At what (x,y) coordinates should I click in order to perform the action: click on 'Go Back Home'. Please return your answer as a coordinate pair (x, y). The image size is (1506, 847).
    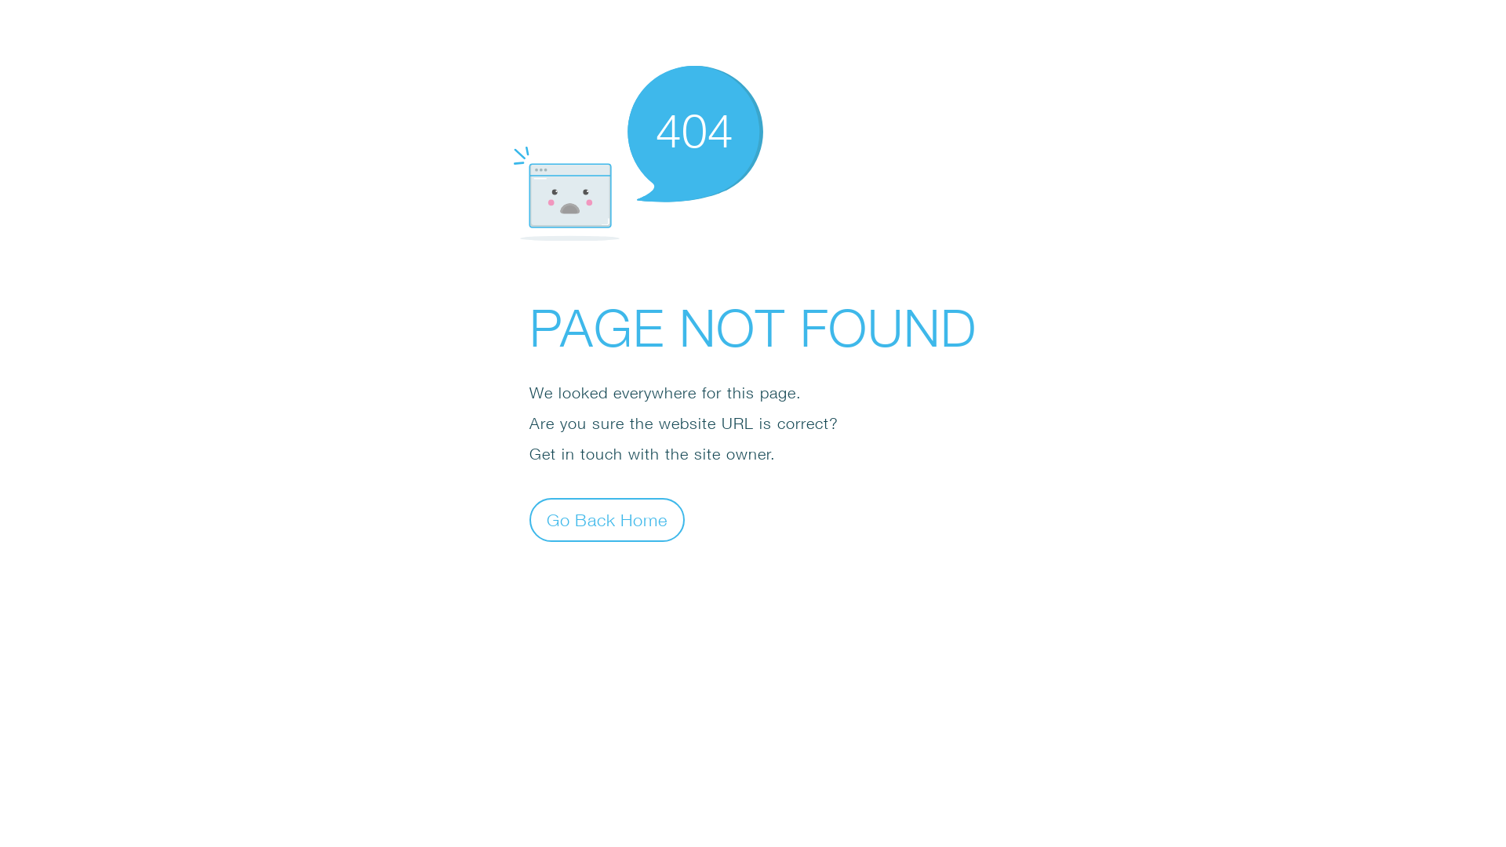
    Looking at the image, I should click on (606, 520).